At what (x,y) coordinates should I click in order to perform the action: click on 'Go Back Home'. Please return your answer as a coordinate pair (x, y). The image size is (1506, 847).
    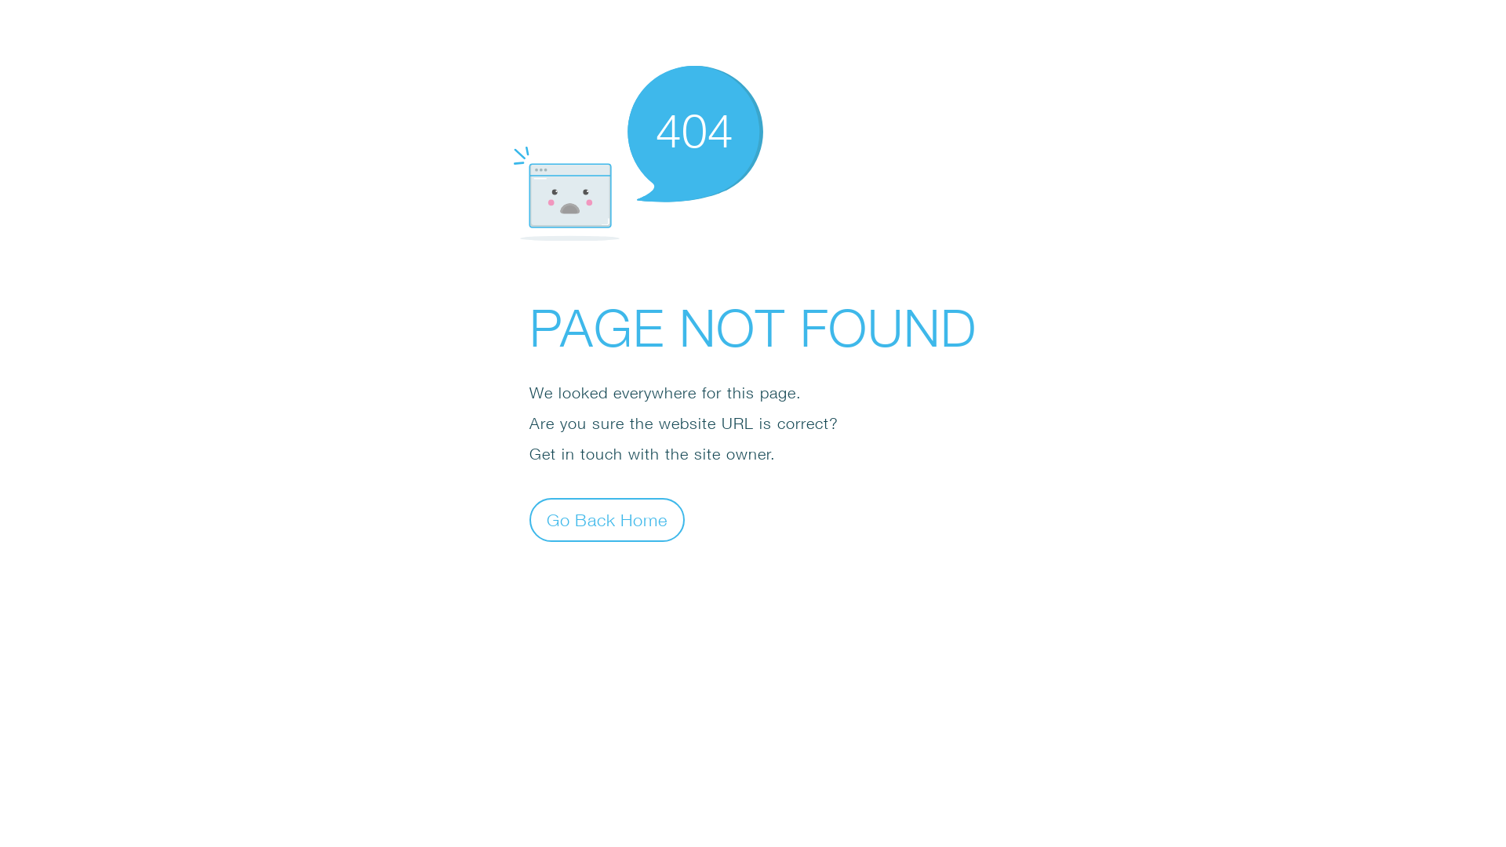
    Looking at the image, I should click on (606, 520).